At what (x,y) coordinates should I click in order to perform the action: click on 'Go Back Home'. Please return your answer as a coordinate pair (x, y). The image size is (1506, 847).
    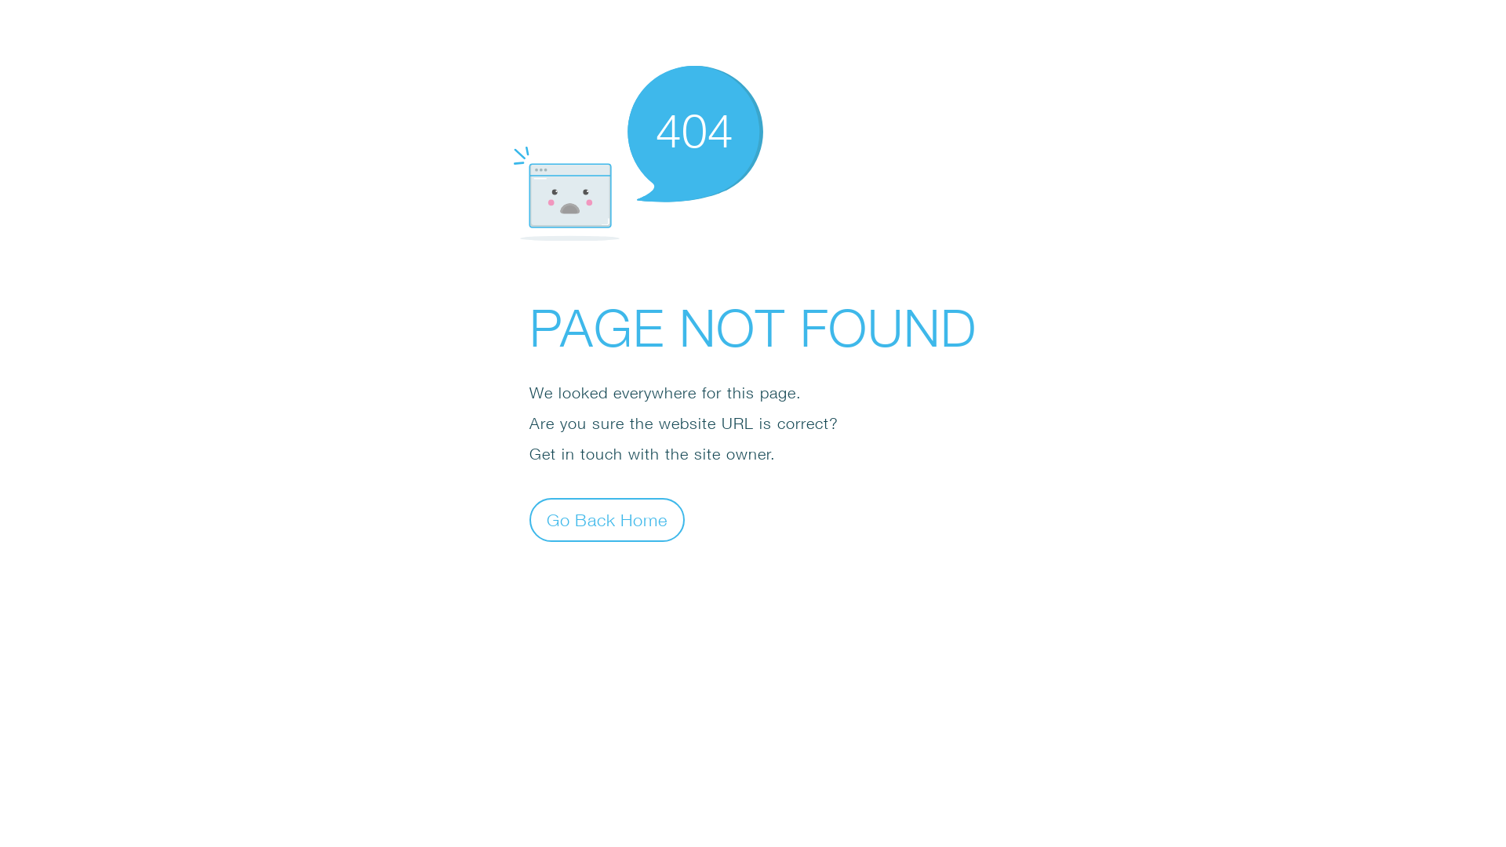
    Looking at the image, I should click on (606, 520).